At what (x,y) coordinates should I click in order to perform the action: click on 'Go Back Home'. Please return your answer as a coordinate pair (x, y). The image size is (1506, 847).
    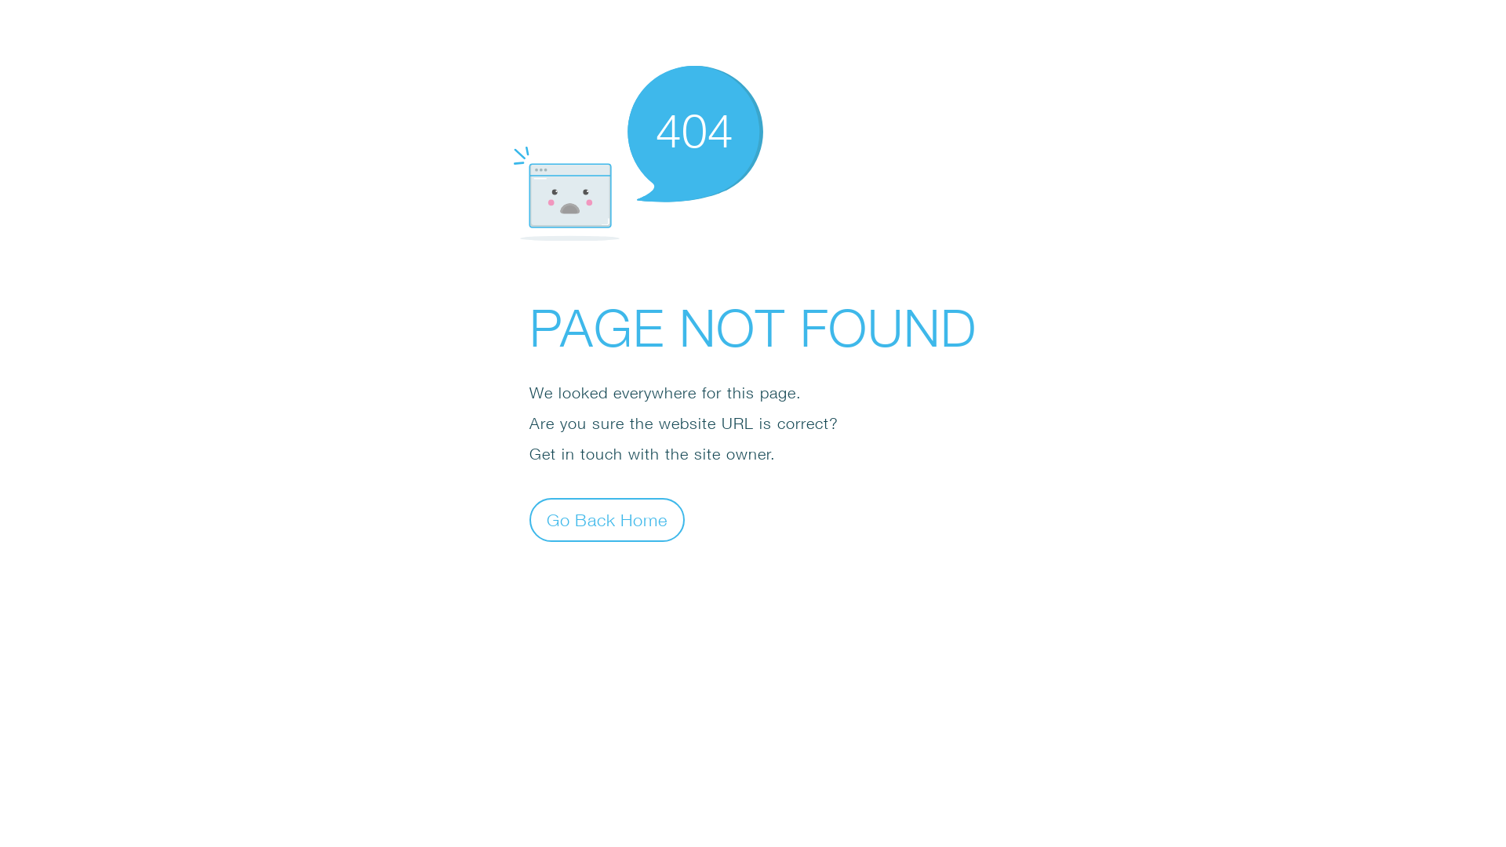
    Looking at the image, I should click on (606, 520).